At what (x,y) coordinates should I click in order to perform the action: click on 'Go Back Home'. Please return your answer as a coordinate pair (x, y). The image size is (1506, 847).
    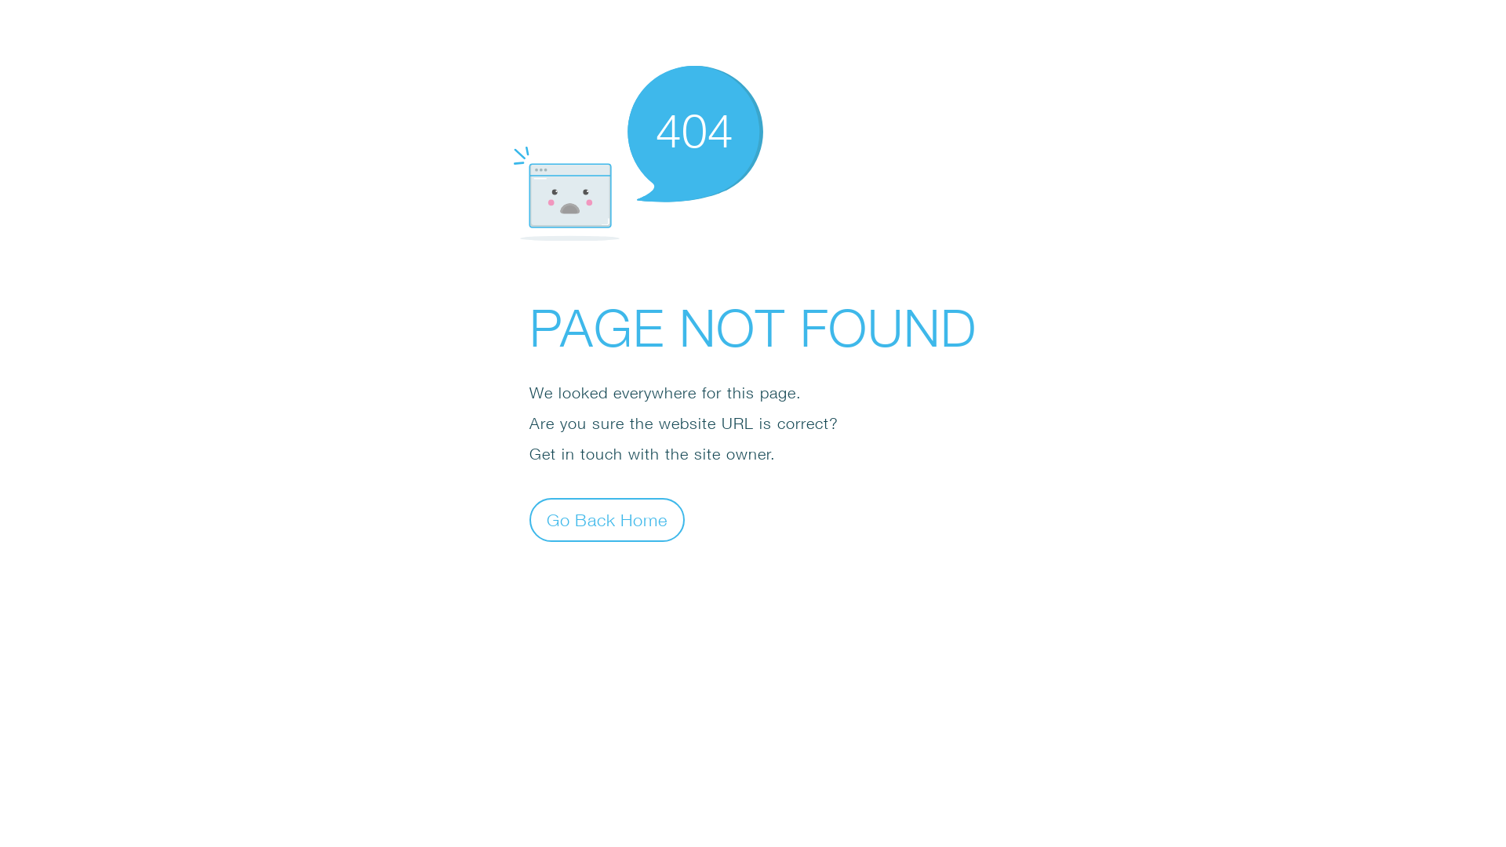
    Looking at the image, I should click on (606, 520).